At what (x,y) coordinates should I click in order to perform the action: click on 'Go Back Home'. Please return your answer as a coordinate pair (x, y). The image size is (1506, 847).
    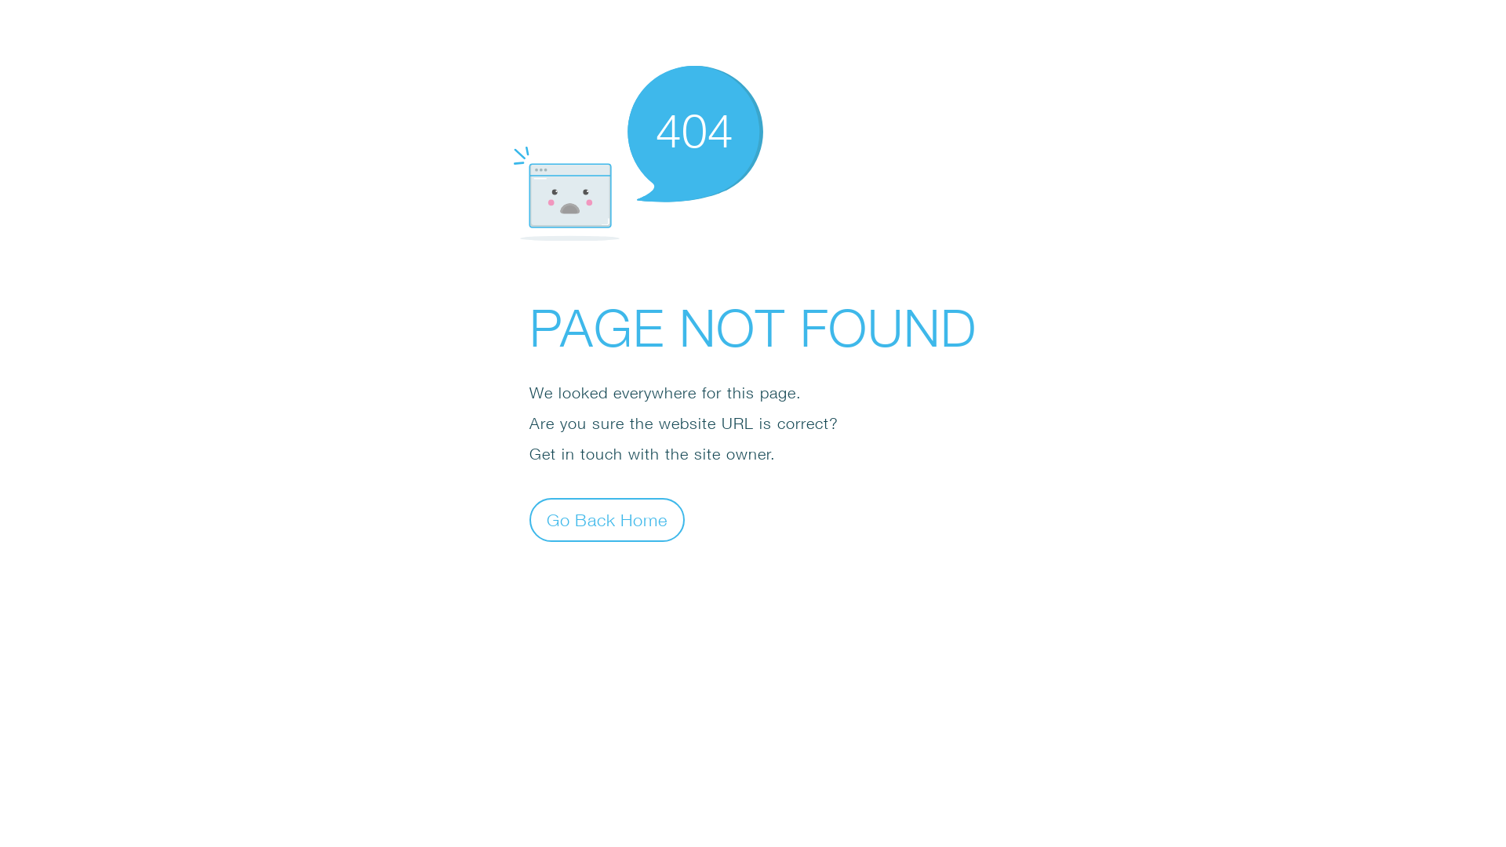
    Looking at the image, I should click on (606, 520).